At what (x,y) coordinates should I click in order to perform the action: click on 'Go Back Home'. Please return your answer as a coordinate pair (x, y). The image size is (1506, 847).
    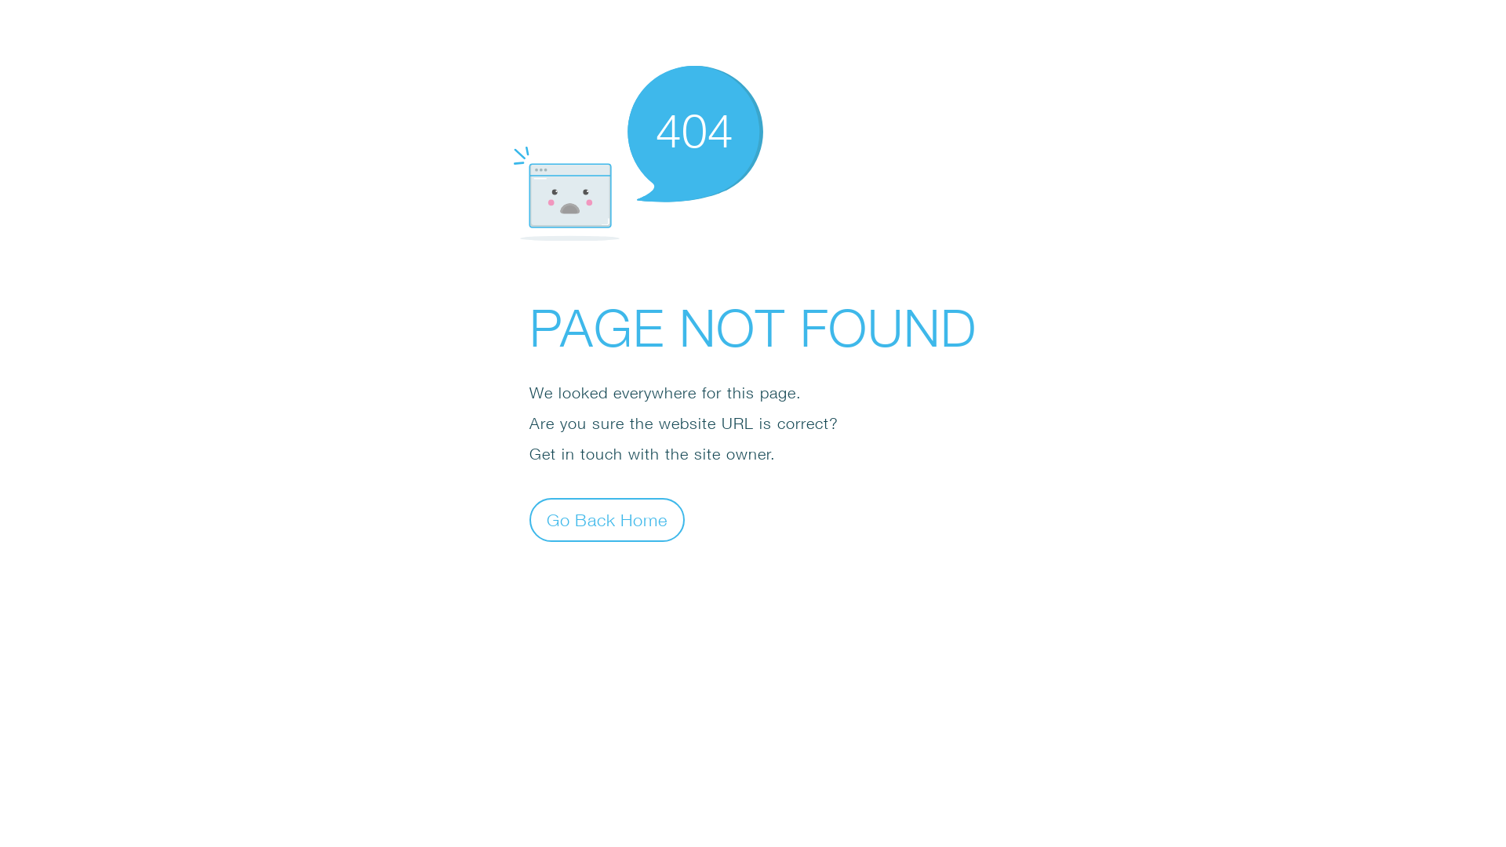
    Looking at the image, I should click on (606, 520).